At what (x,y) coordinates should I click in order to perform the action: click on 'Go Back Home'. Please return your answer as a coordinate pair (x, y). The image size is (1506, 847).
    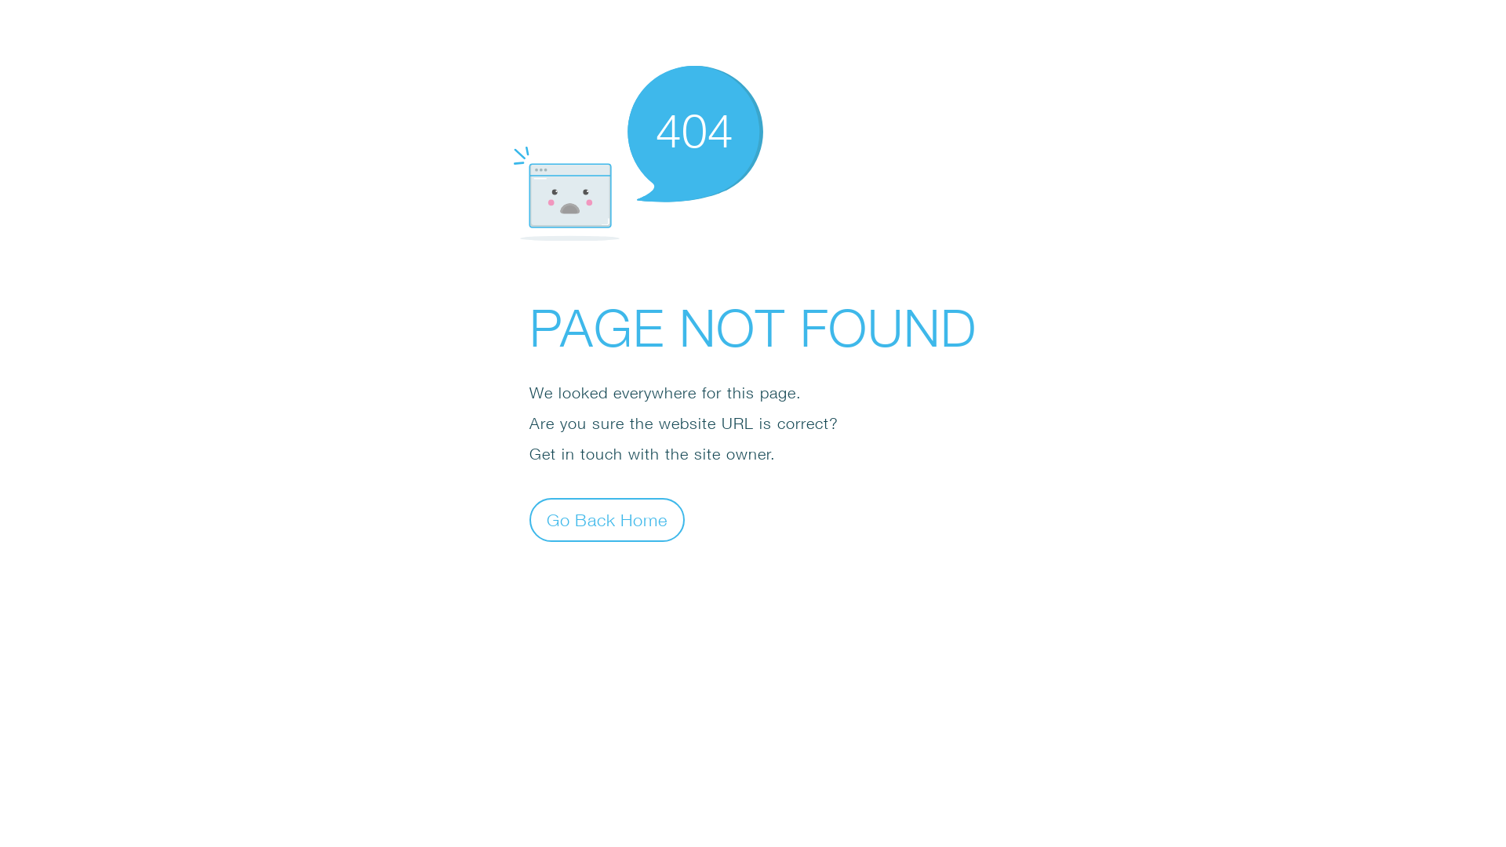
    Looking at the image, I should click on (606, 520).